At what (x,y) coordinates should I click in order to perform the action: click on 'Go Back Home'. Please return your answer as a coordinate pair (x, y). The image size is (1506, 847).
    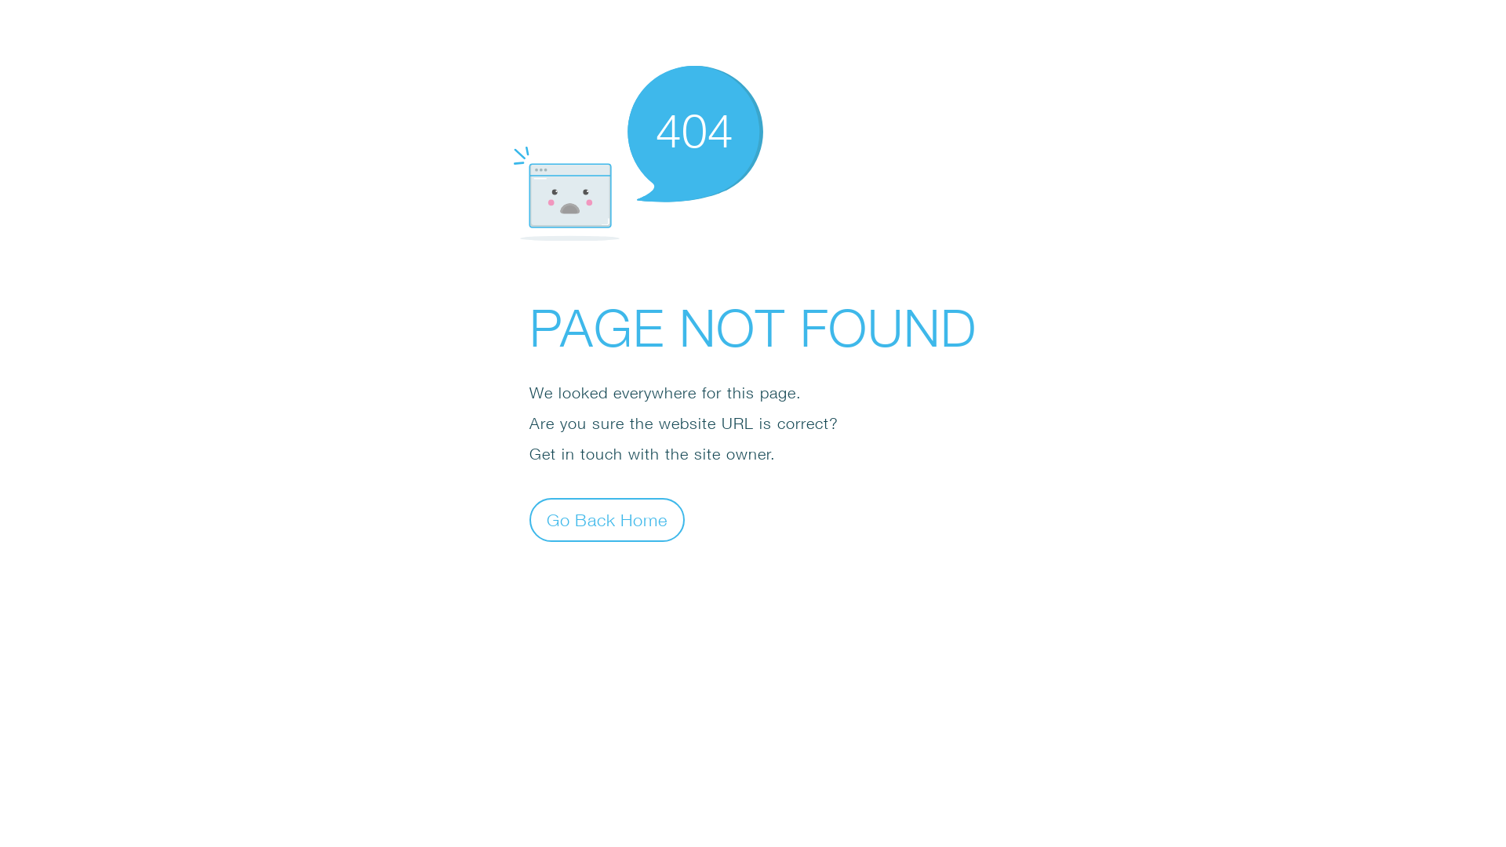
    Looking at the image, I should click on (606, 520).